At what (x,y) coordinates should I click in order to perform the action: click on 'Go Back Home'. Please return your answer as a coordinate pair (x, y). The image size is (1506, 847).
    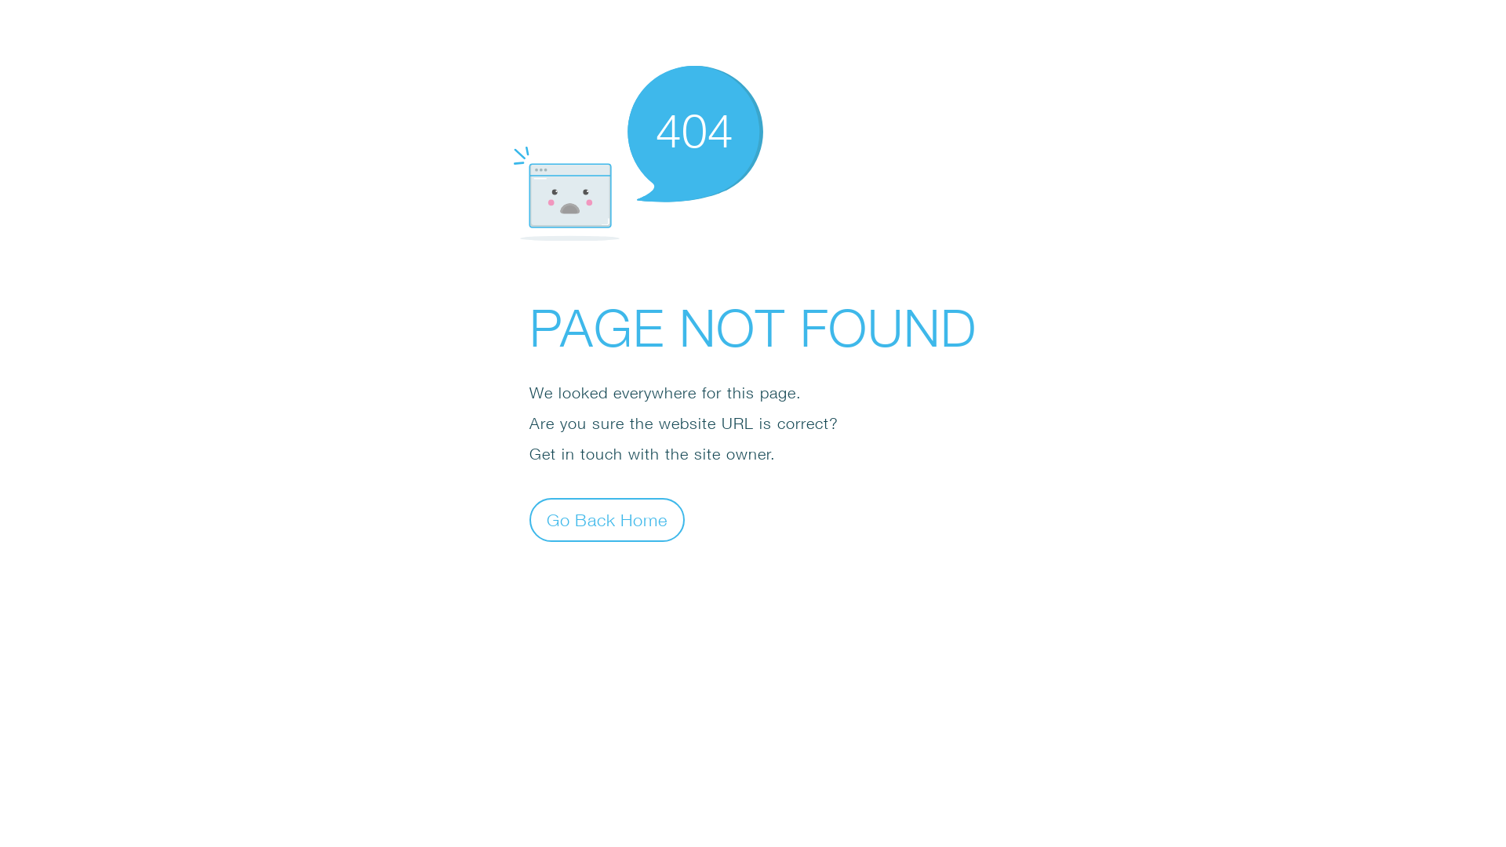
    Looking at the image, I should click on (606, 520).